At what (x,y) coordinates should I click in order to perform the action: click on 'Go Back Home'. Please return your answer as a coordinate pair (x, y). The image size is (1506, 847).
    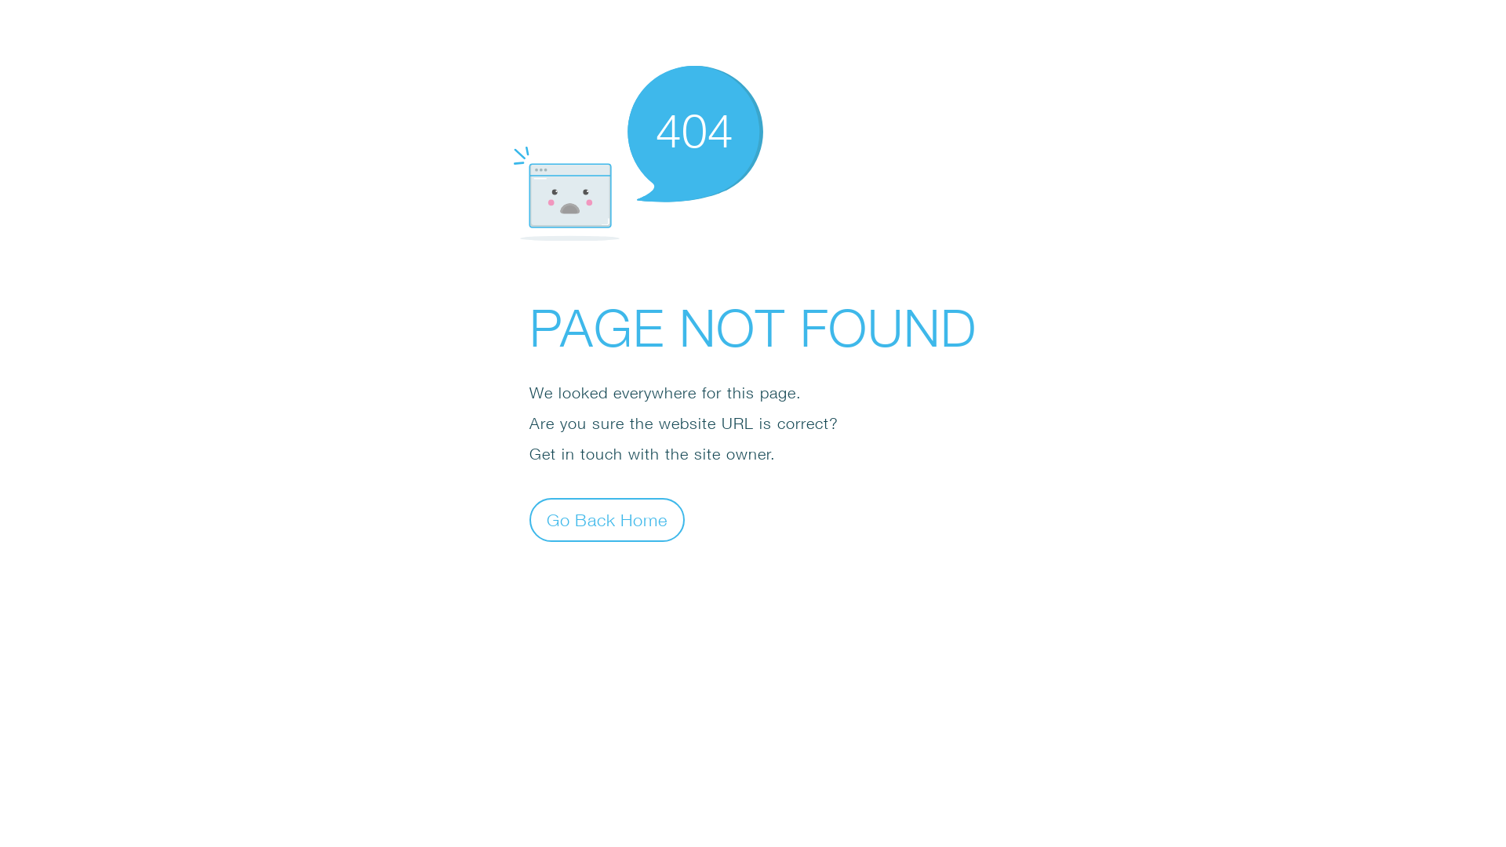
    Looking at the image, I should click on (606, 520).